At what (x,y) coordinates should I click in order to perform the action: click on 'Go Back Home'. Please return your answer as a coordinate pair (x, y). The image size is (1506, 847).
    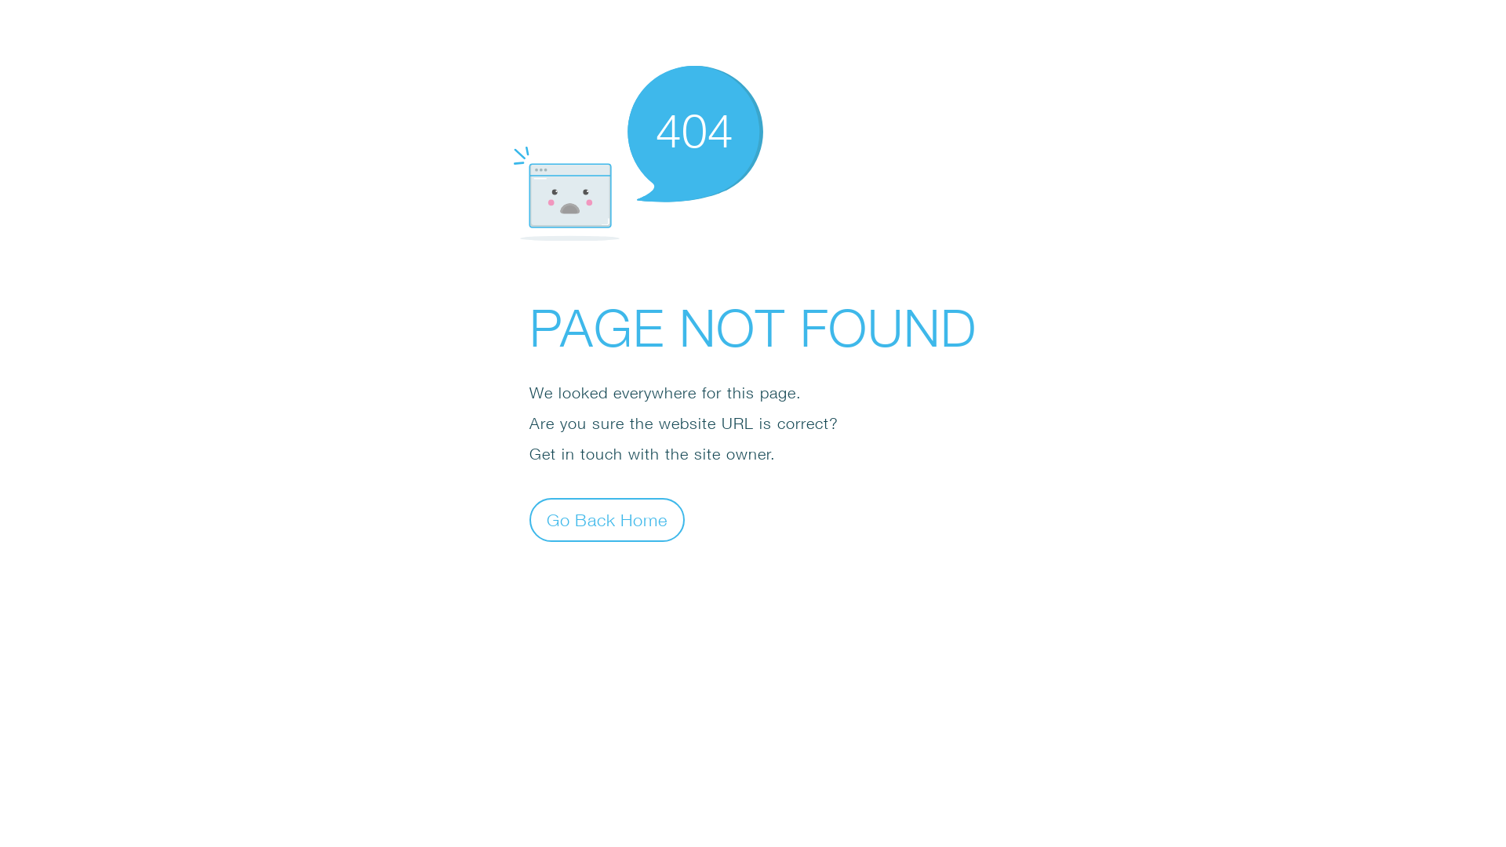
    Looking at the image, I should click on (606, 520).